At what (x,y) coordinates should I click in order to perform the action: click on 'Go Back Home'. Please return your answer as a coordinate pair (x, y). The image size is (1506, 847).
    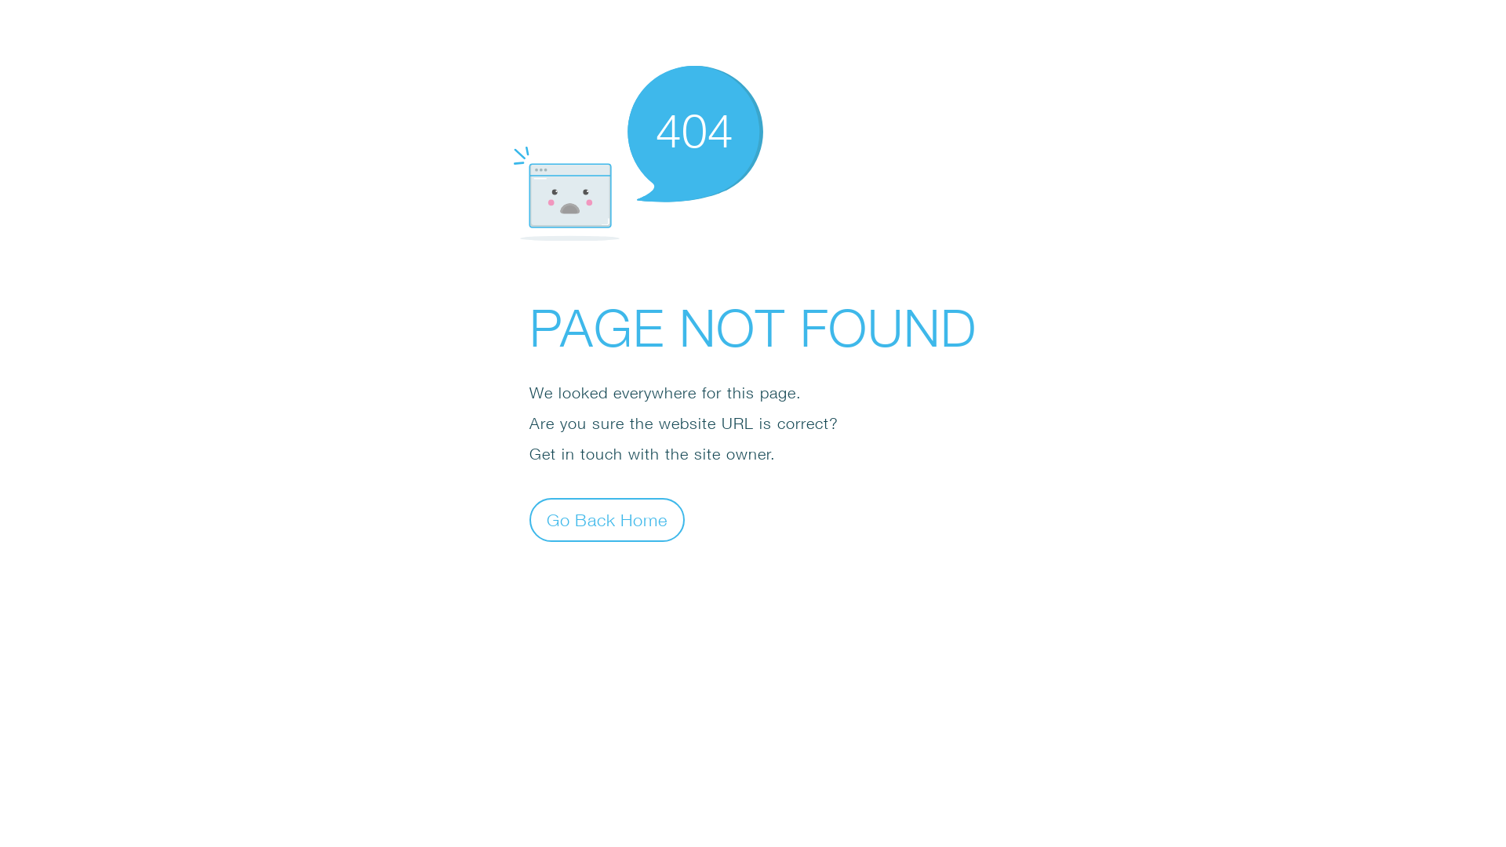
    Looking at the image, I should click on (606, 520).